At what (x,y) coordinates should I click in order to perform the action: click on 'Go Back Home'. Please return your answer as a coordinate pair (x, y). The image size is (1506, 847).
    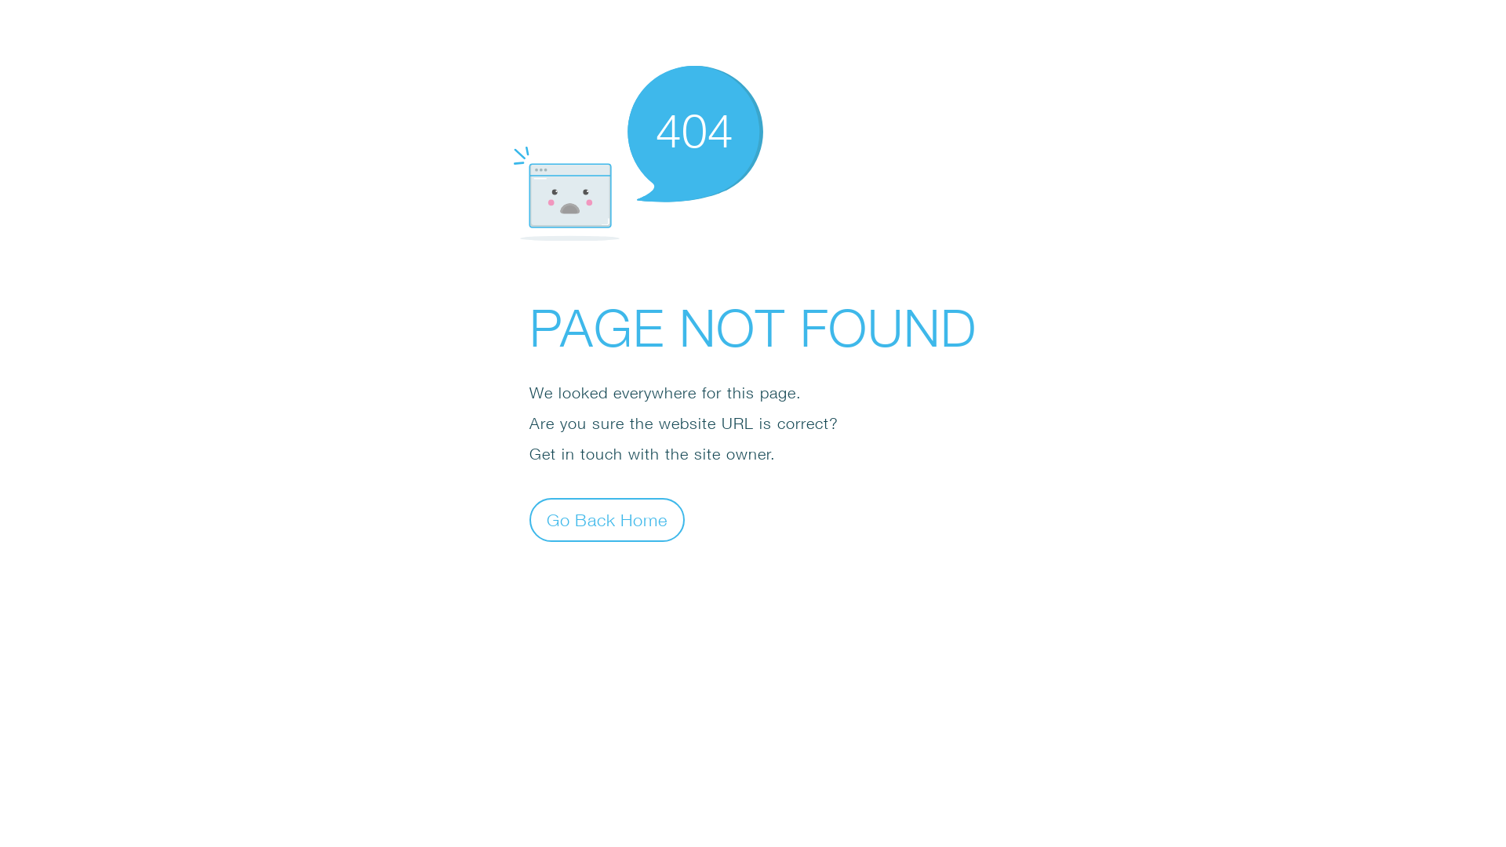
    Looking at the image, I should click on (606, 520).